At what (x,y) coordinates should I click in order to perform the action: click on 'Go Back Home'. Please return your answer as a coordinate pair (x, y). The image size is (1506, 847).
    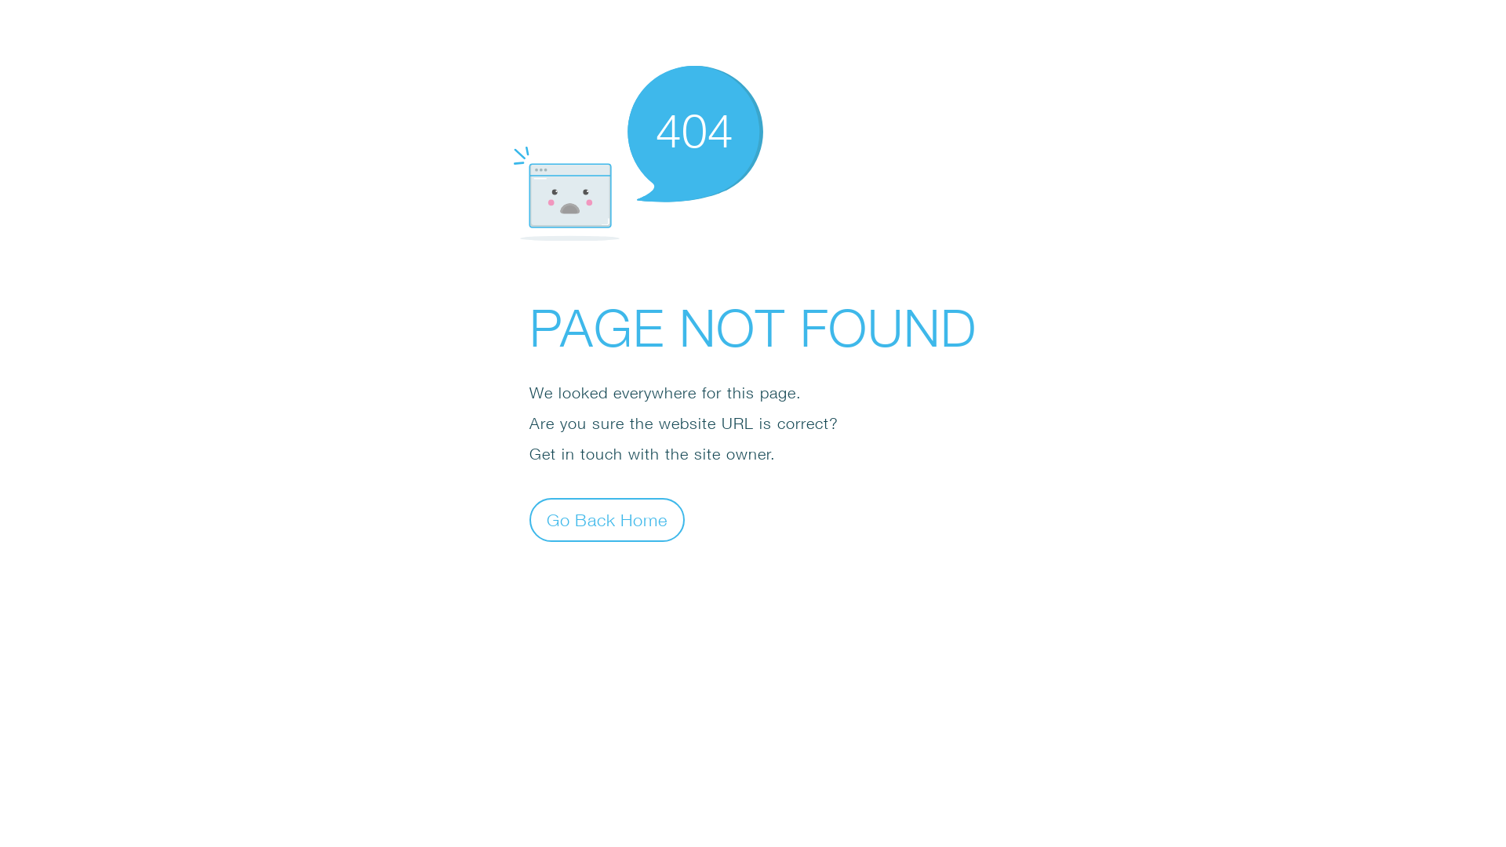
    Looking at the image, I should click on (606, 520).